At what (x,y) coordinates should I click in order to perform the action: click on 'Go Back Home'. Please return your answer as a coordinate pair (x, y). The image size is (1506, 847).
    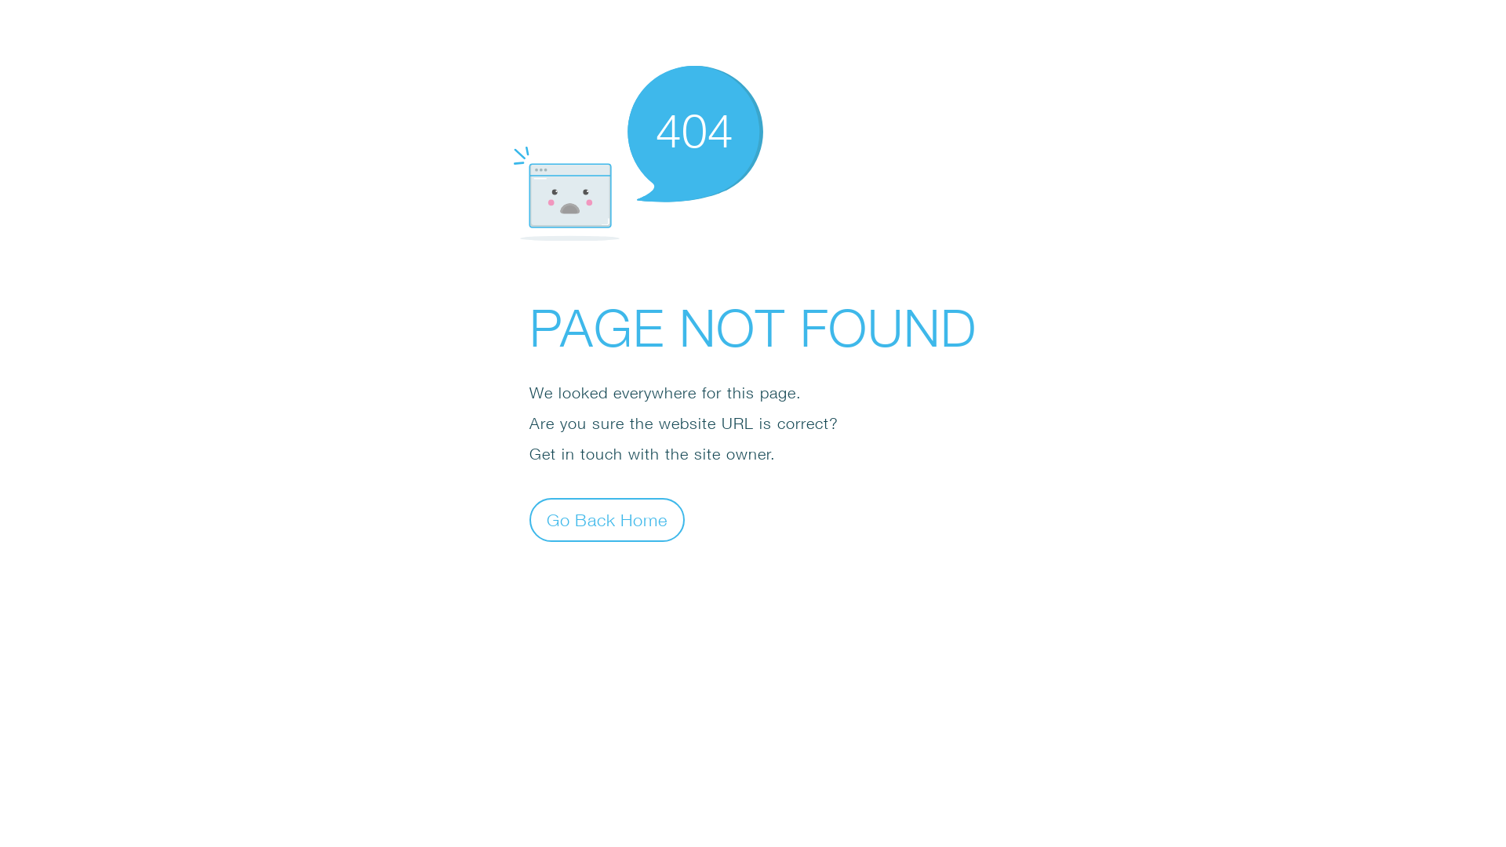
    Looking at the image, I should click on (606, 520).